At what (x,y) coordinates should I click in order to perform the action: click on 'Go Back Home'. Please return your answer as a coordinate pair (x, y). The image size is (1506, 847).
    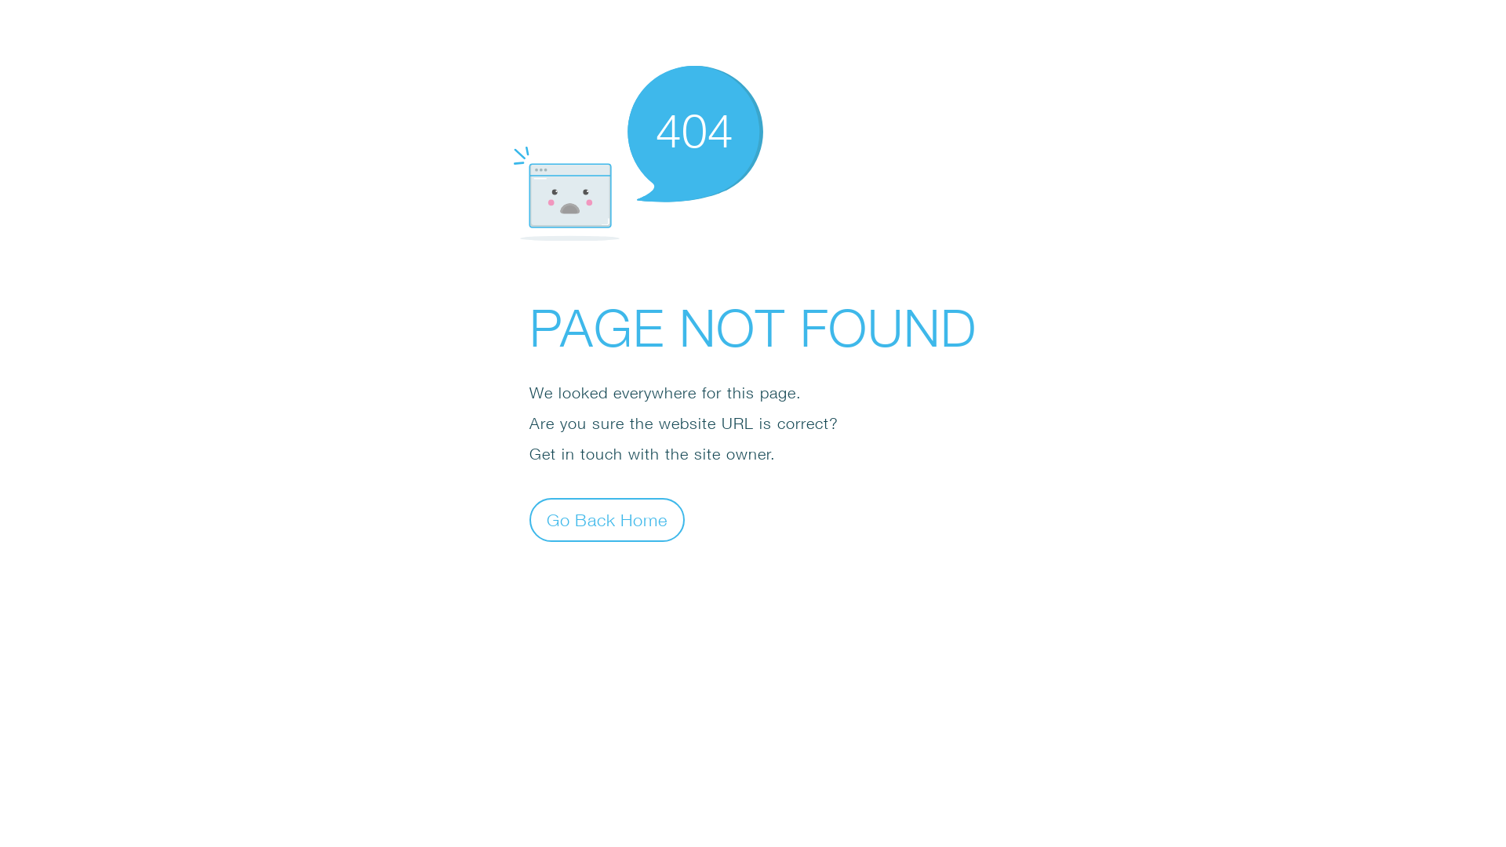
    Looking at the image, I should click on (606, 520).